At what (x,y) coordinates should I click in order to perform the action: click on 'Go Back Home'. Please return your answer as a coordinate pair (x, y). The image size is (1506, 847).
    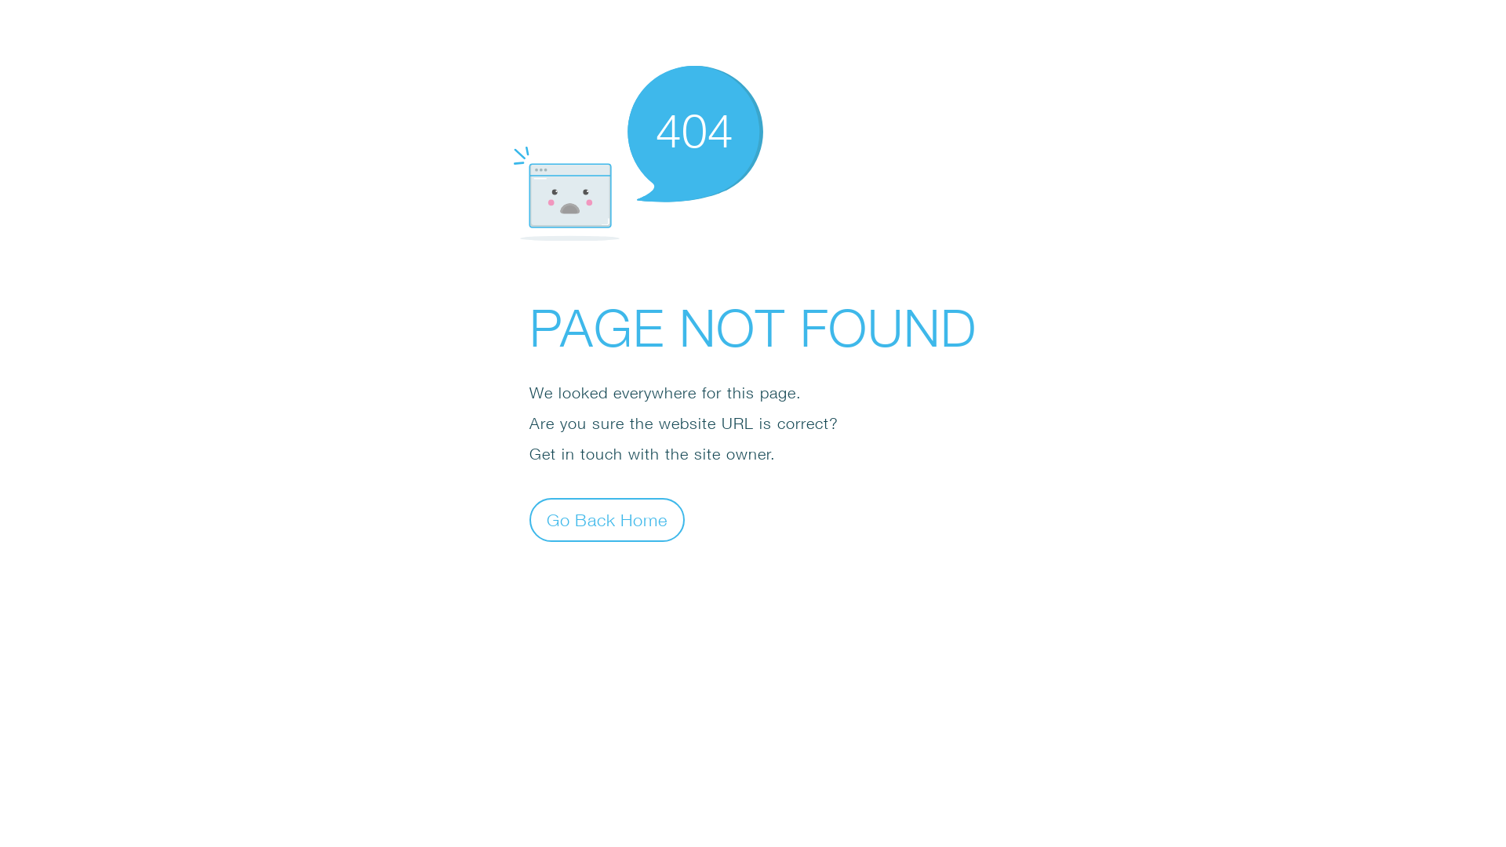
    Looking at the image, I should click on (606, 520).